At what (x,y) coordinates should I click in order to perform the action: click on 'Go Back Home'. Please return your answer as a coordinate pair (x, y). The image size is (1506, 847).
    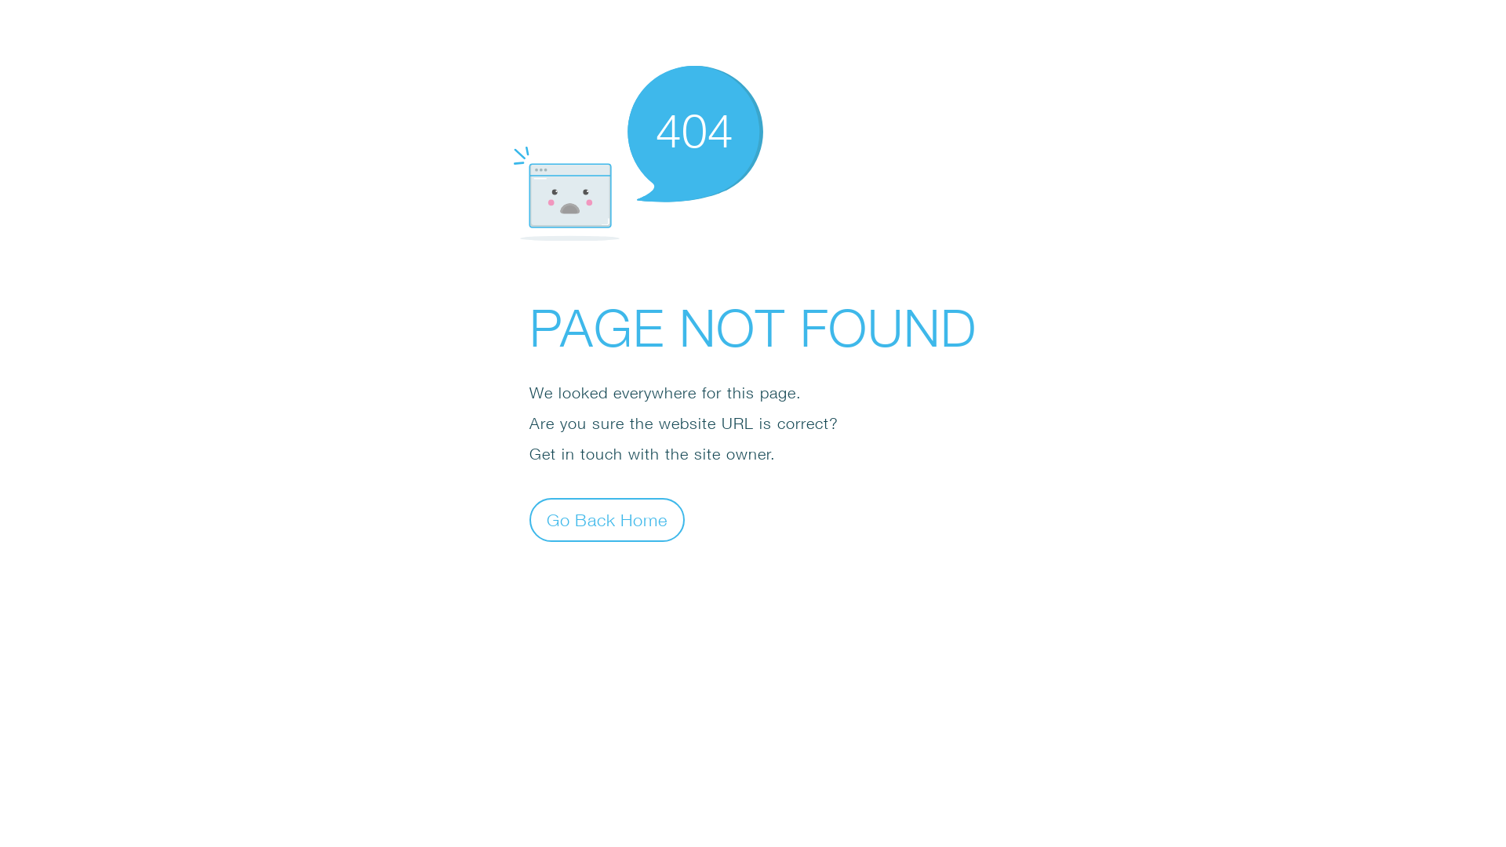
    Looking at the image, I should click on (606, 520).